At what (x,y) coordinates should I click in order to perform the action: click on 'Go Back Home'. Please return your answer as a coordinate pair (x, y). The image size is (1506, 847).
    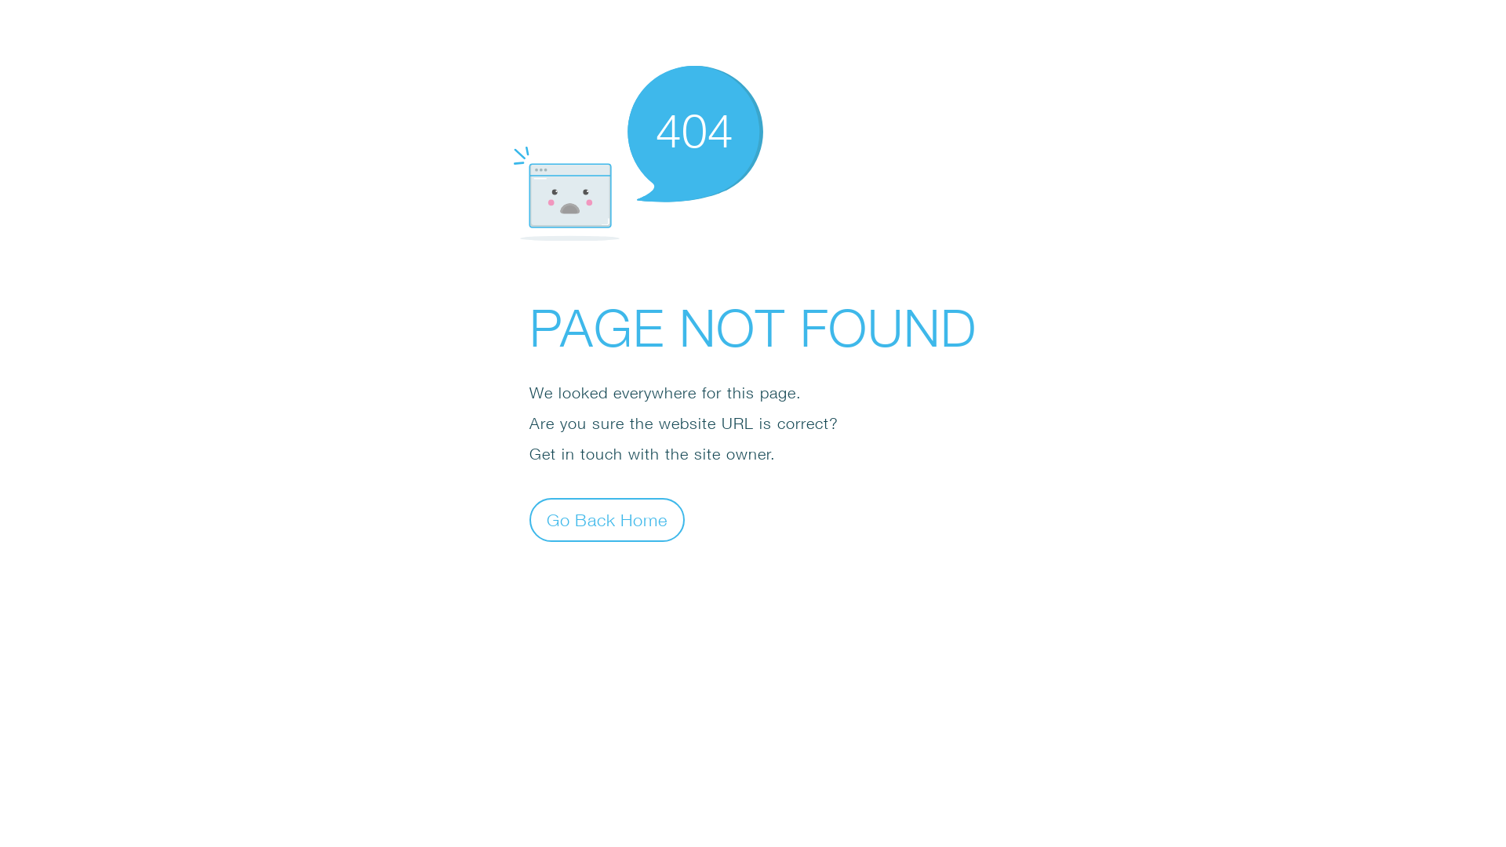
    Looking at the image, I should click on (606, 520).